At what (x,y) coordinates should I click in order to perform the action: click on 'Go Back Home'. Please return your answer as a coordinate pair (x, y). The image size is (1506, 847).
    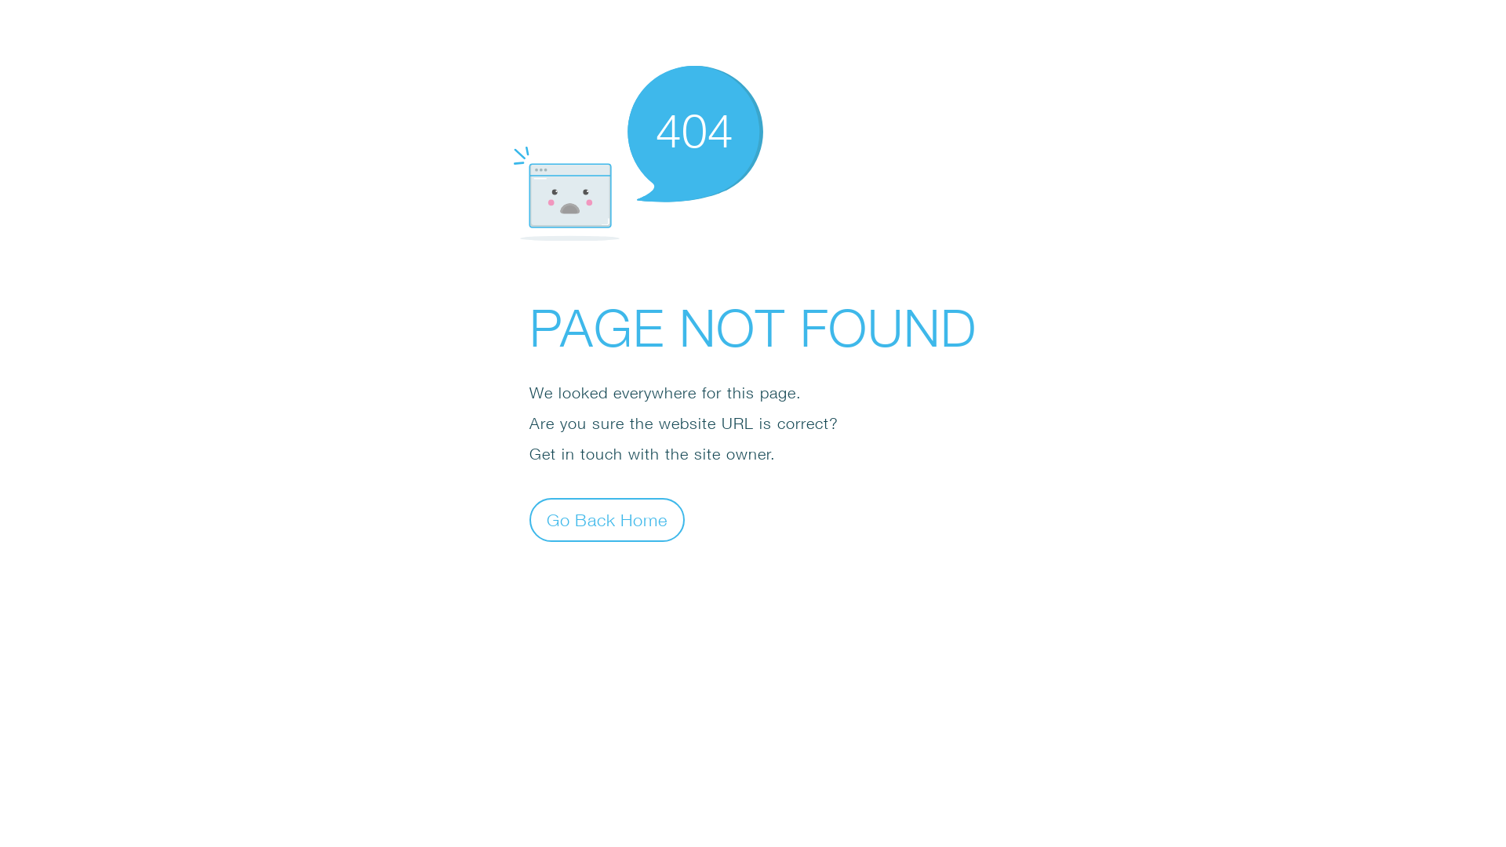
    Looking at the image, I should click on (606, 520).